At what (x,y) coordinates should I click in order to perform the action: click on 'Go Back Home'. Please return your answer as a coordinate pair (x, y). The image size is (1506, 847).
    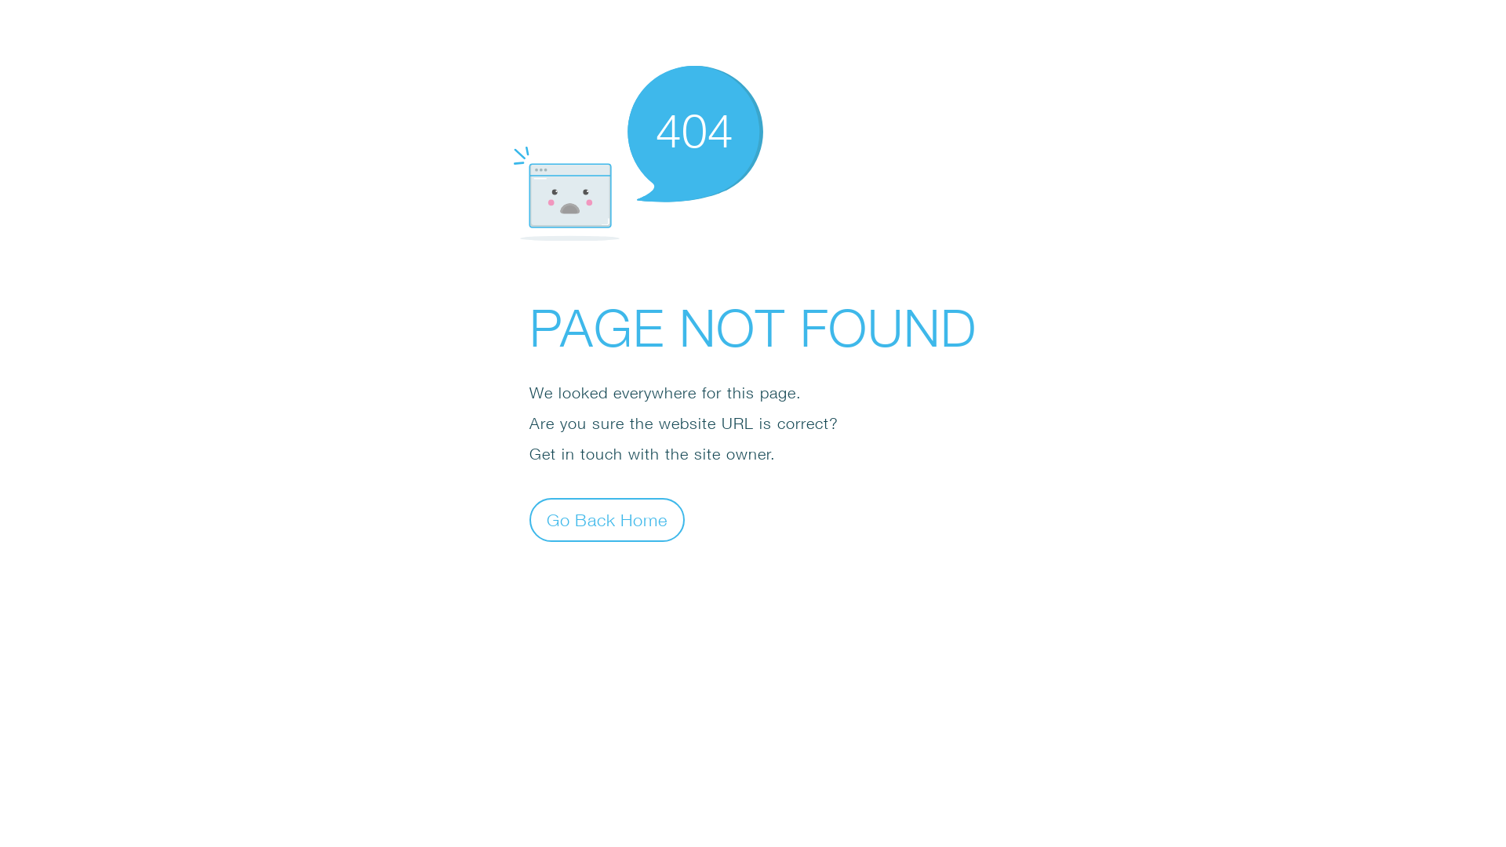
    Looking at the image, I should click on (606, 520).